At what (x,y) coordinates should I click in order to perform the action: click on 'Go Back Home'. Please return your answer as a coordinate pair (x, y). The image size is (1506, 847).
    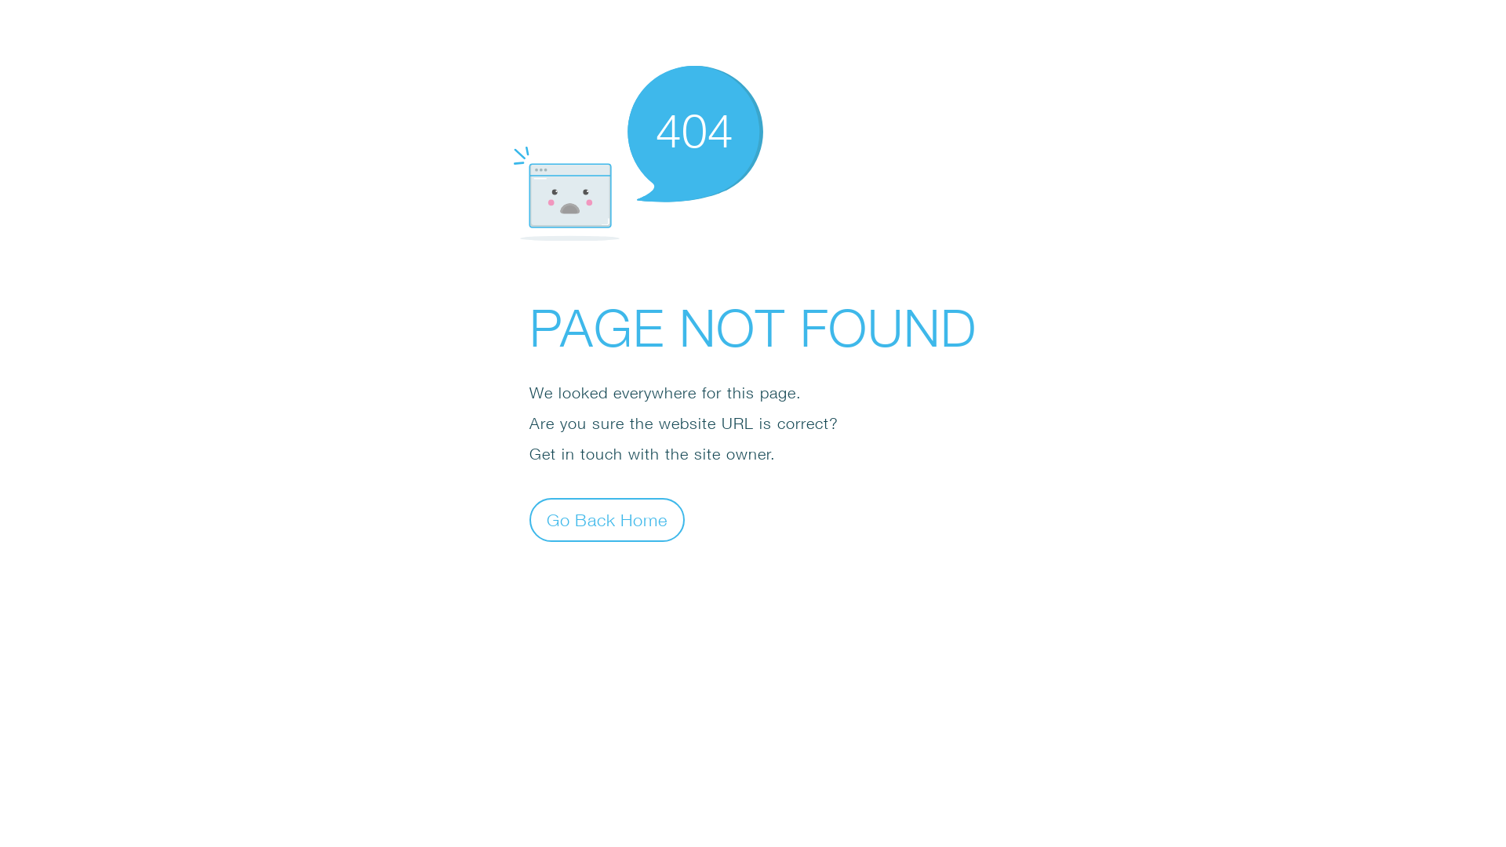
    Looking at the image, I should click on (606, 520).